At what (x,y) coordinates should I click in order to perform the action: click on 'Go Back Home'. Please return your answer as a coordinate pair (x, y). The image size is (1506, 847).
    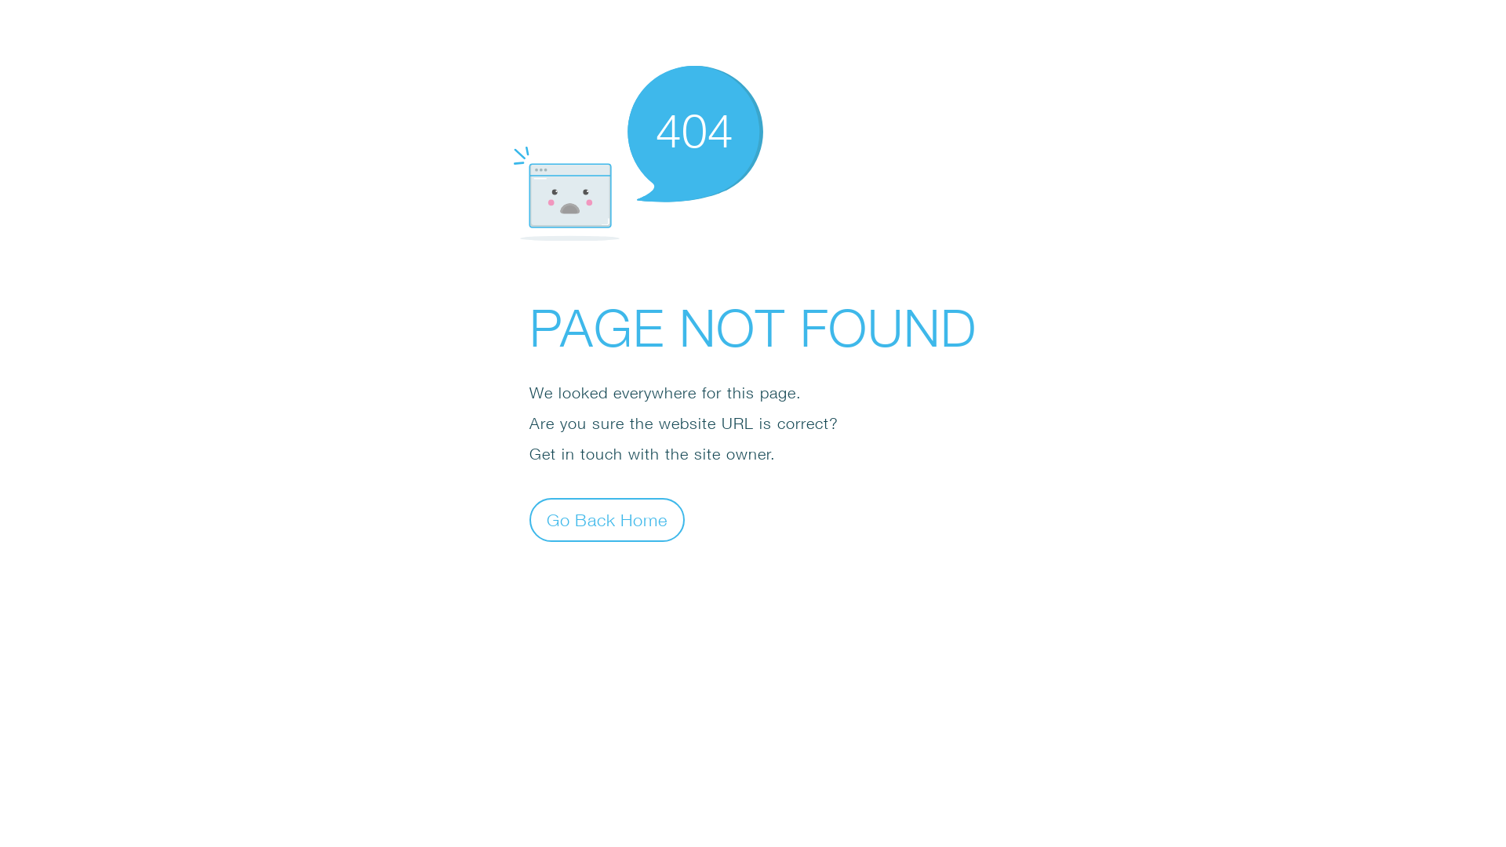
    Looking at the image, I should click on (606, 520).